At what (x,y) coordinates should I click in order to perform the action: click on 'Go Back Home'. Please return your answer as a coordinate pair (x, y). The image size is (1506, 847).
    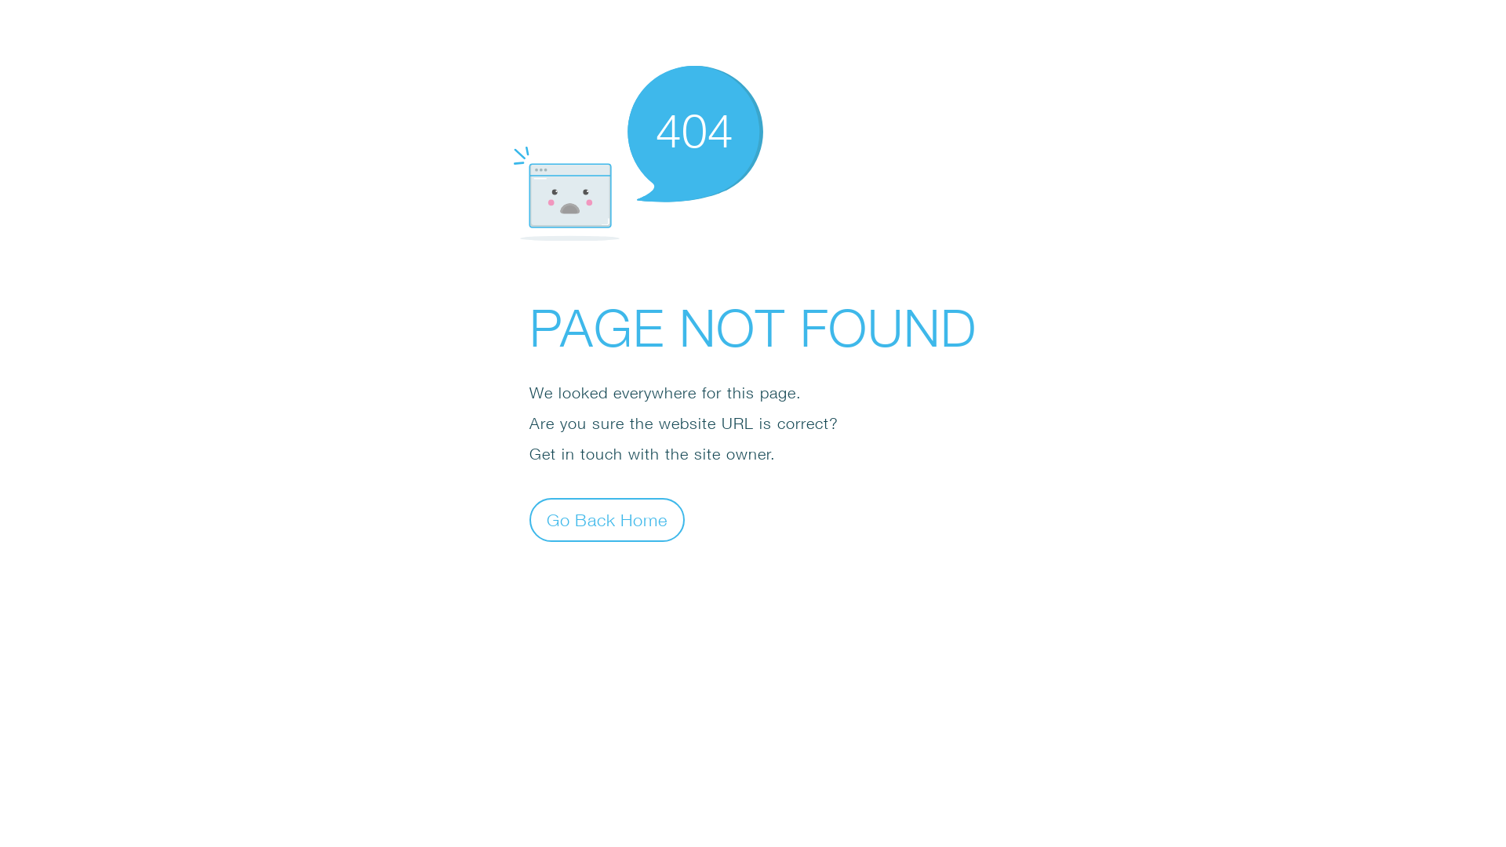
    Looking at the image, I should click on (606, 520).